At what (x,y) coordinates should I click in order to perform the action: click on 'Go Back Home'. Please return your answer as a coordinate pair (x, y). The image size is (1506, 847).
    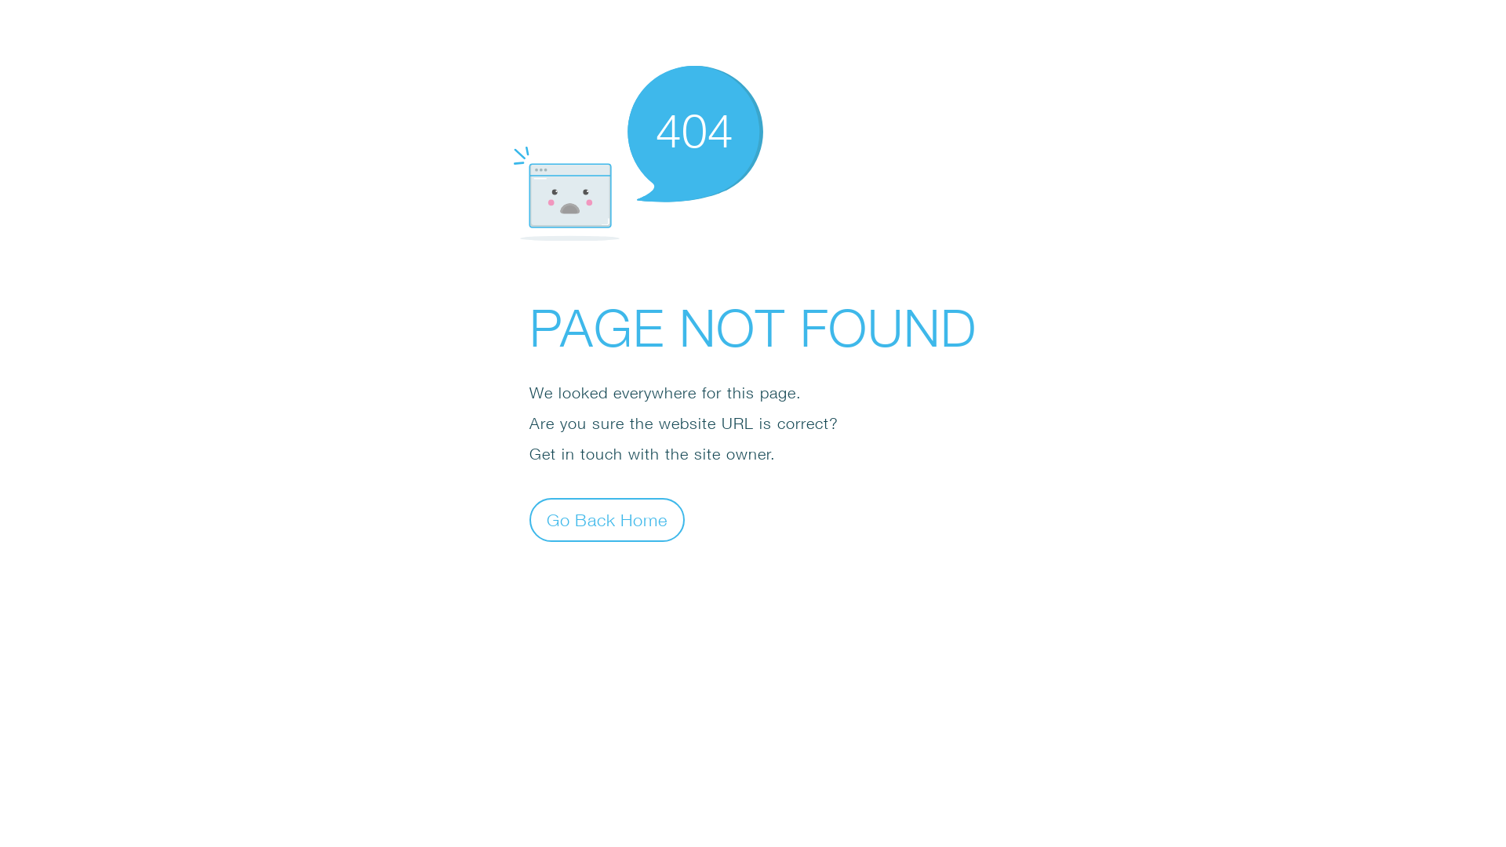
    Looking at the image, I should click on (606, 520).